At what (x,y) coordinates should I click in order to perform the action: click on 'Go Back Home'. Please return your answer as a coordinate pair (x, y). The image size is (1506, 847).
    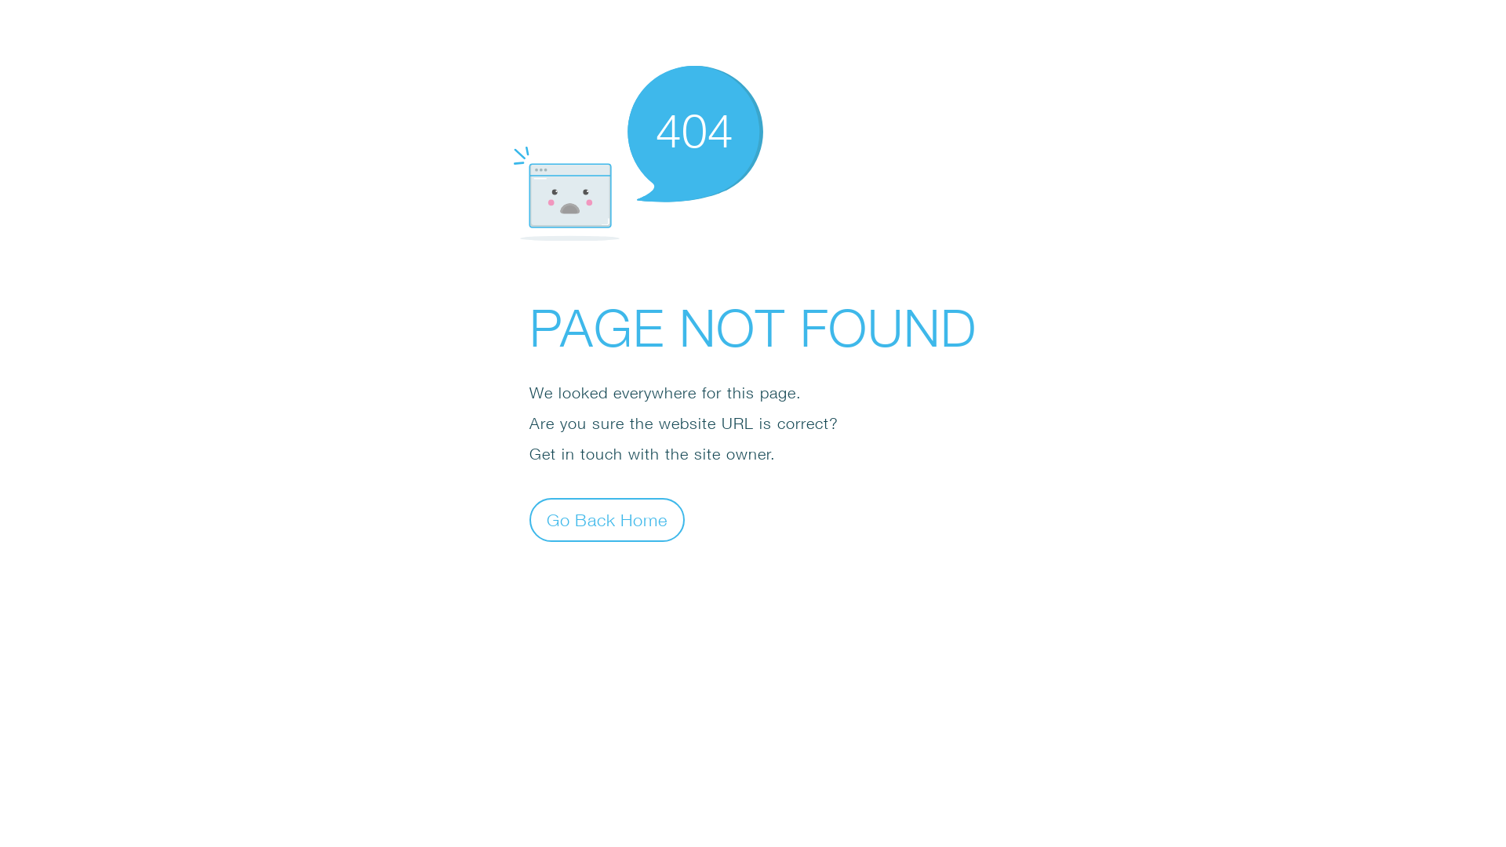
    Looking at the image, I should click on (606, 520).